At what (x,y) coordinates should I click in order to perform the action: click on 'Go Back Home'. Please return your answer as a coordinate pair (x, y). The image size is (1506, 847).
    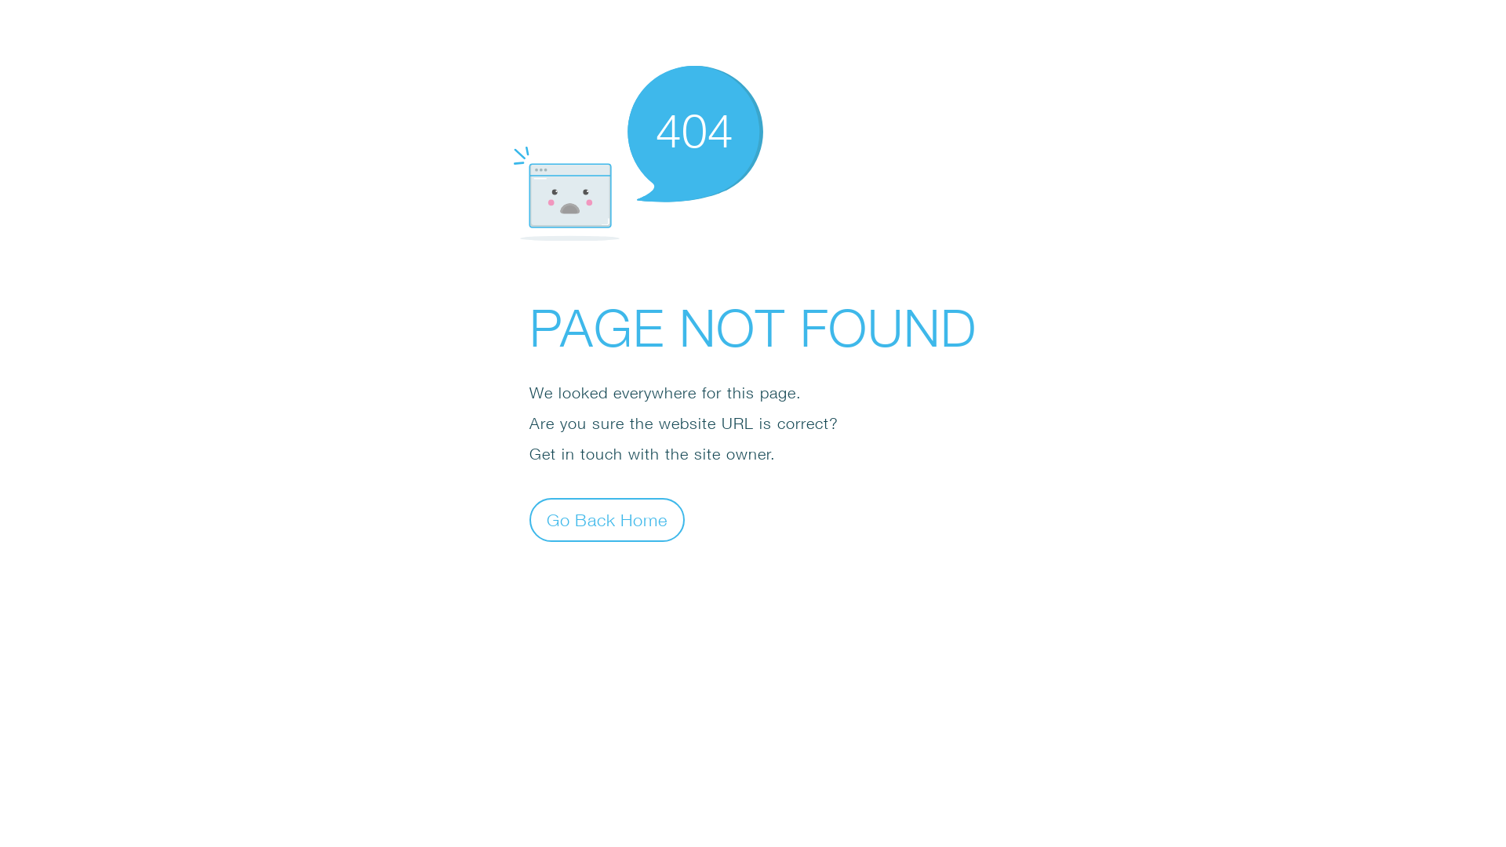
    Looking at the image, I should click on (606, 520).